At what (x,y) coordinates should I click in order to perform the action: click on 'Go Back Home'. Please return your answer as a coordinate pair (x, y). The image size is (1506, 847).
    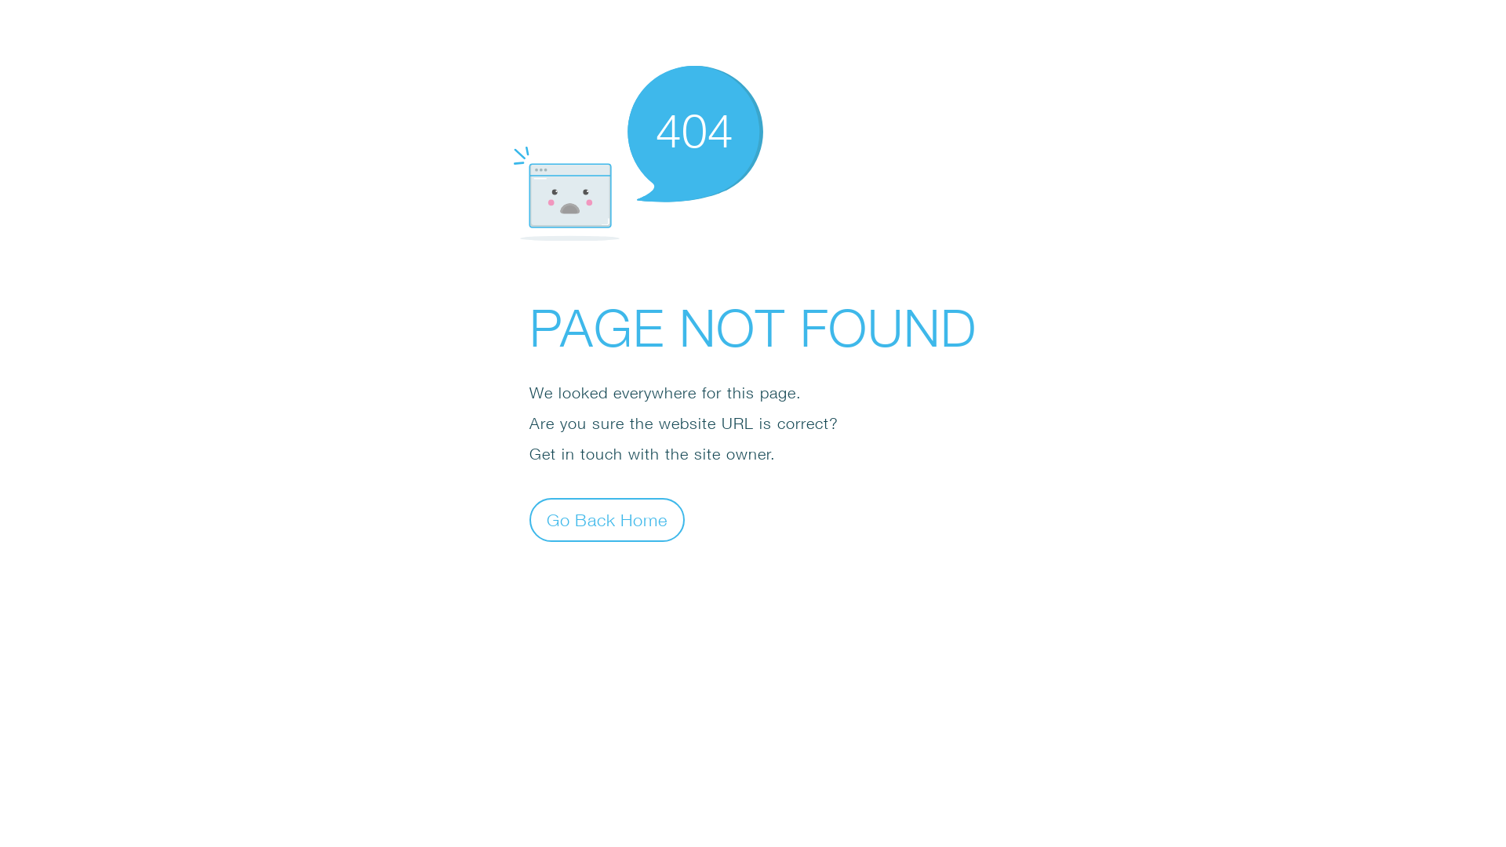
    Looking at the image, I should click on (606, 520).